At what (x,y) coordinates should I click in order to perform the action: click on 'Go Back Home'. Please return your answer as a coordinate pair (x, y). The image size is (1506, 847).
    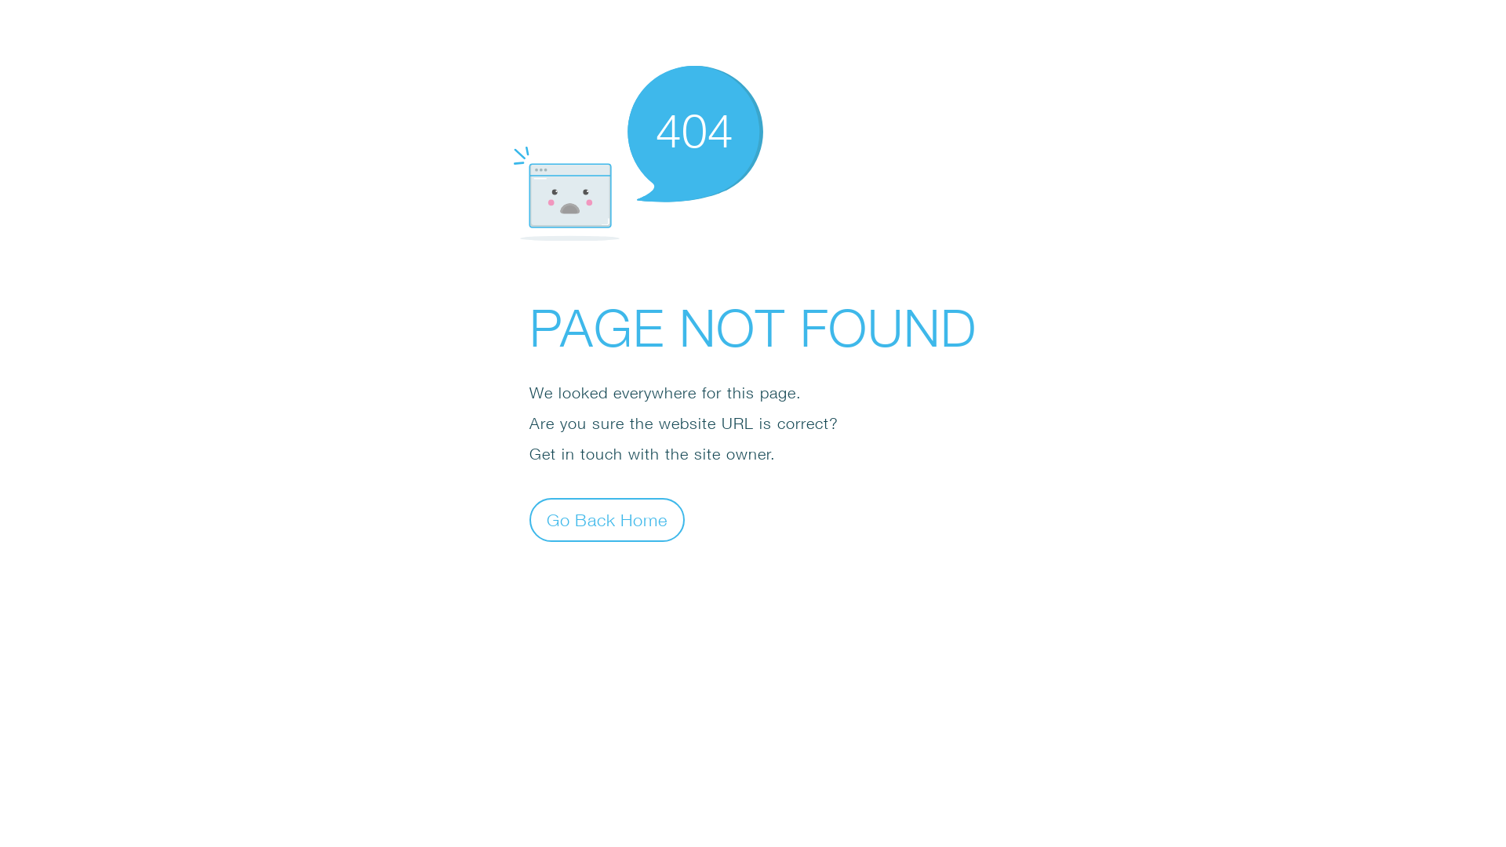
    Looking at the image, I should click on (606, 520).